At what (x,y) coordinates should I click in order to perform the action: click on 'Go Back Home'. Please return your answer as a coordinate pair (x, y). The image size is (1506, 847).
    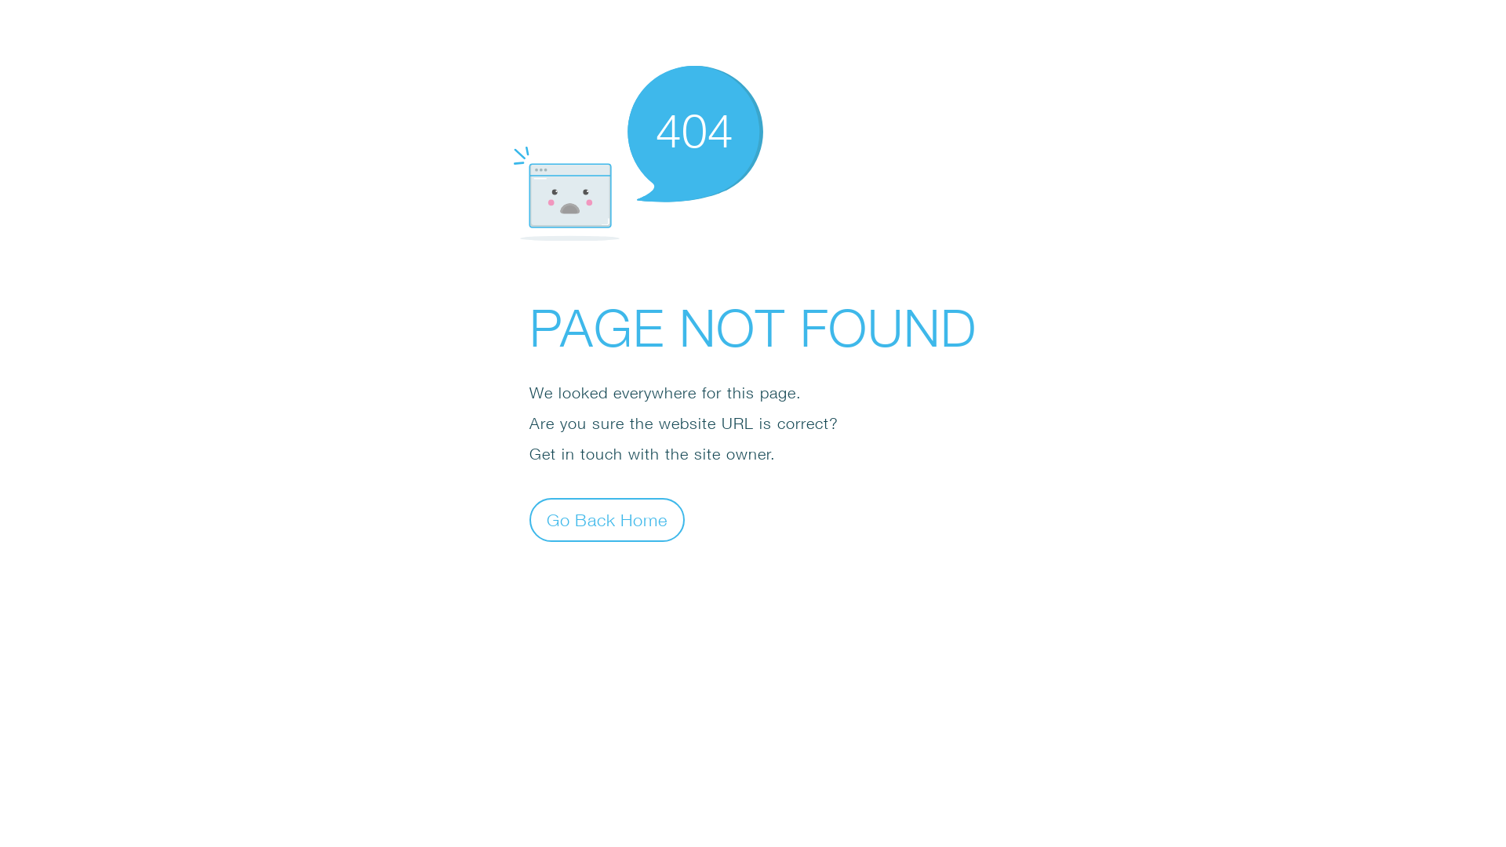
    Looking at the image, I should click on (606, 520).